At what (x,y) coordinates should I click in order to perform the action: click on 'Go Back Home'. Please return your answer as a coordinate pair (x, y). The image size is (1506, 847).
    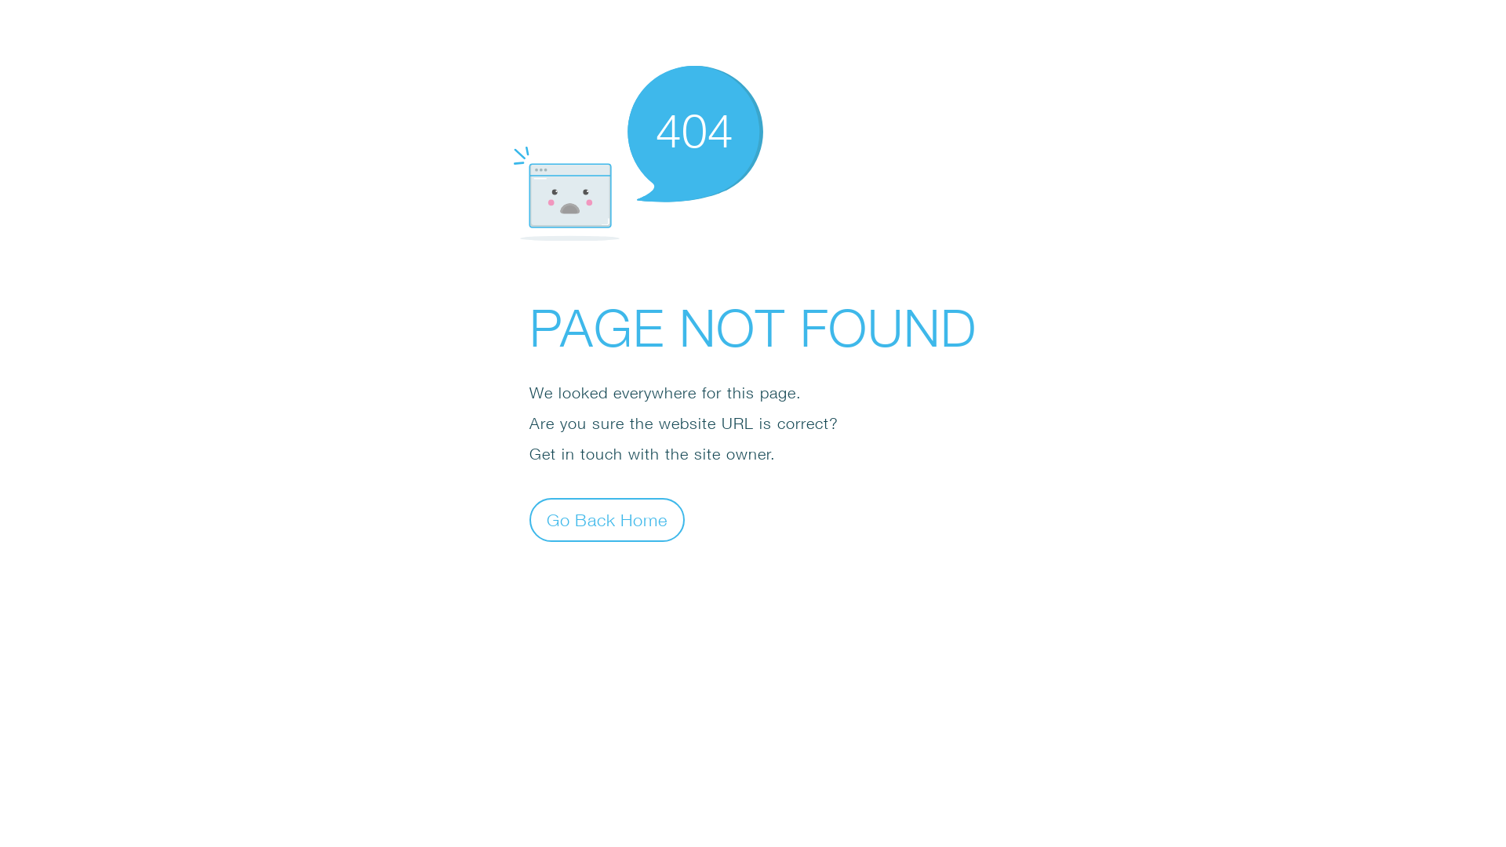
    Looking at the image, I should click on (606, 520).